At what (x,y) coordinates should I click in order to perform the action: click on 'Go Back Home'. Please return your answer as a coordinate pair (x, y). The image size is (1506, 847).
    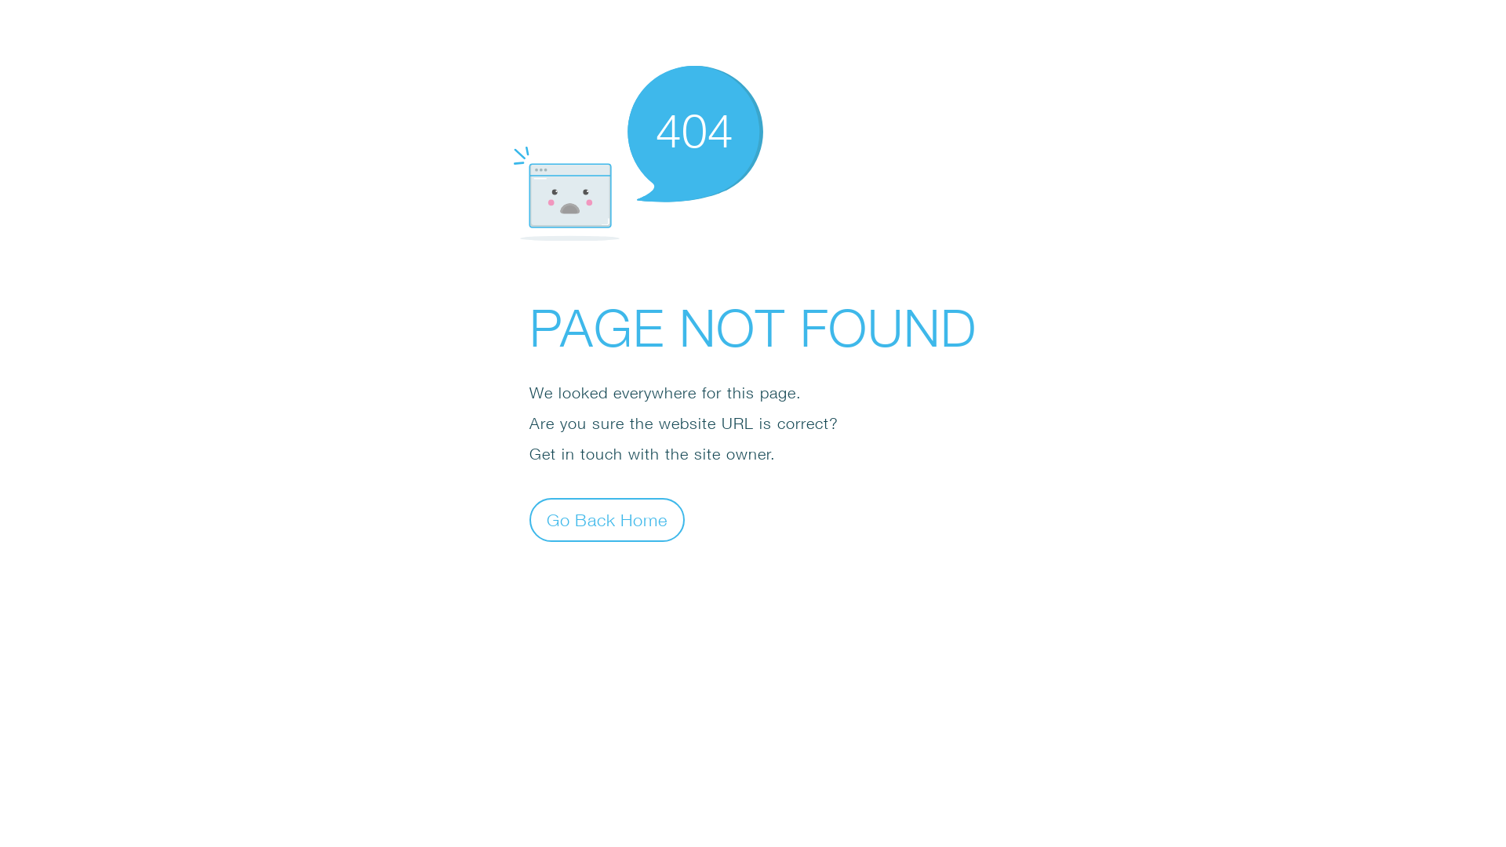
    Looking at the image, I should click on (606, 520).